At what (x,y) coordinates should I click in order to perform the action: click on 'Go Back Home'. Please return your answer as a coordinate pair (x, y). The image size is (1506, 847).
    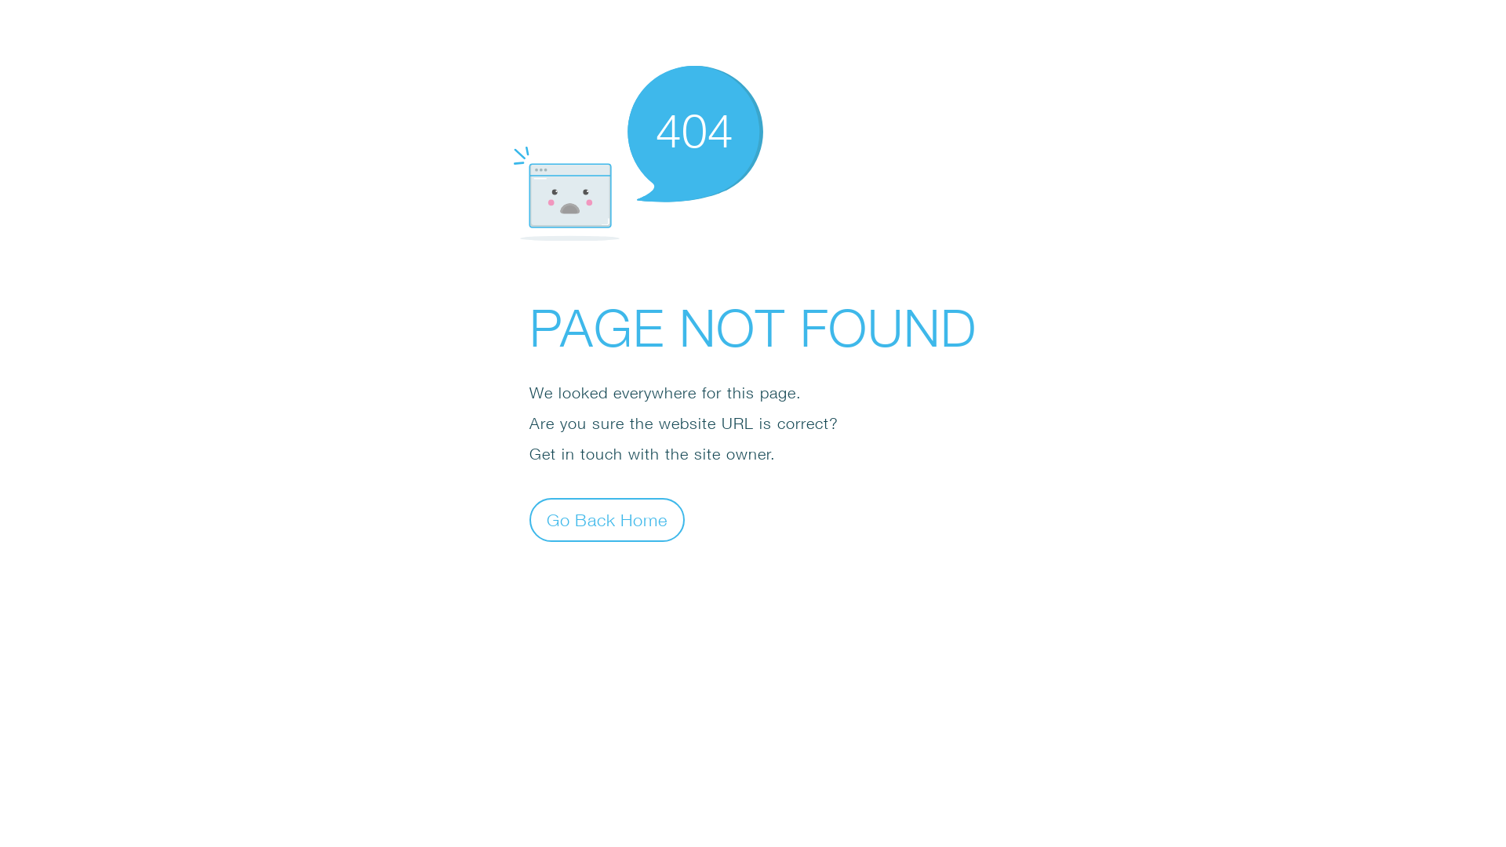
    Looking at the image, I should click on (606, 520).